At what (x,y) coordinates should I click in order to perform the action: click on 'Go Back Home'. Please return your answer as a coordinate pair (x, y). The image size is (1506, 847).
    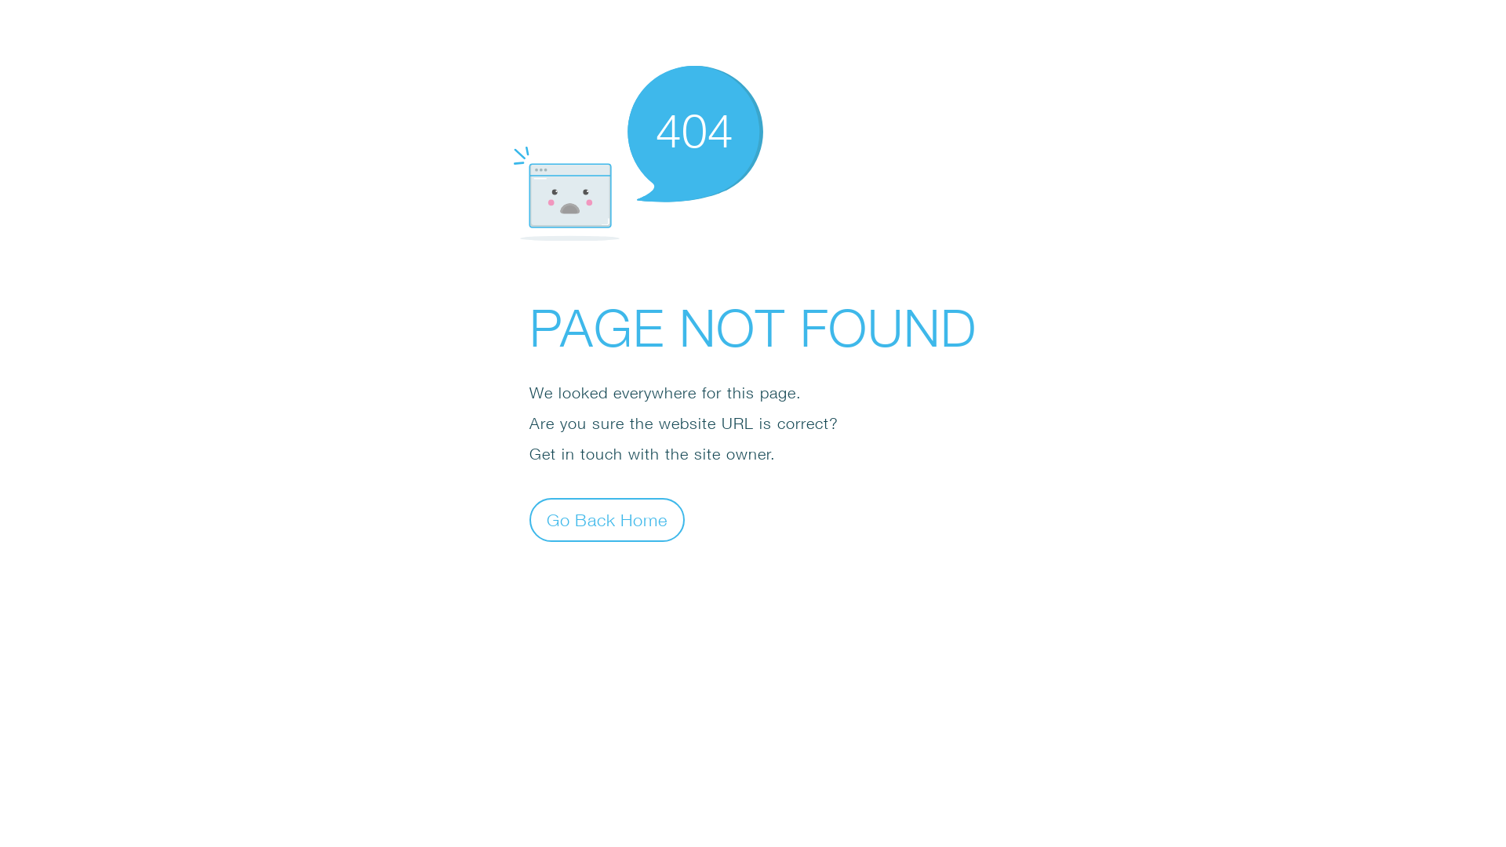
    Looking at the image, I should click on (606, 520).